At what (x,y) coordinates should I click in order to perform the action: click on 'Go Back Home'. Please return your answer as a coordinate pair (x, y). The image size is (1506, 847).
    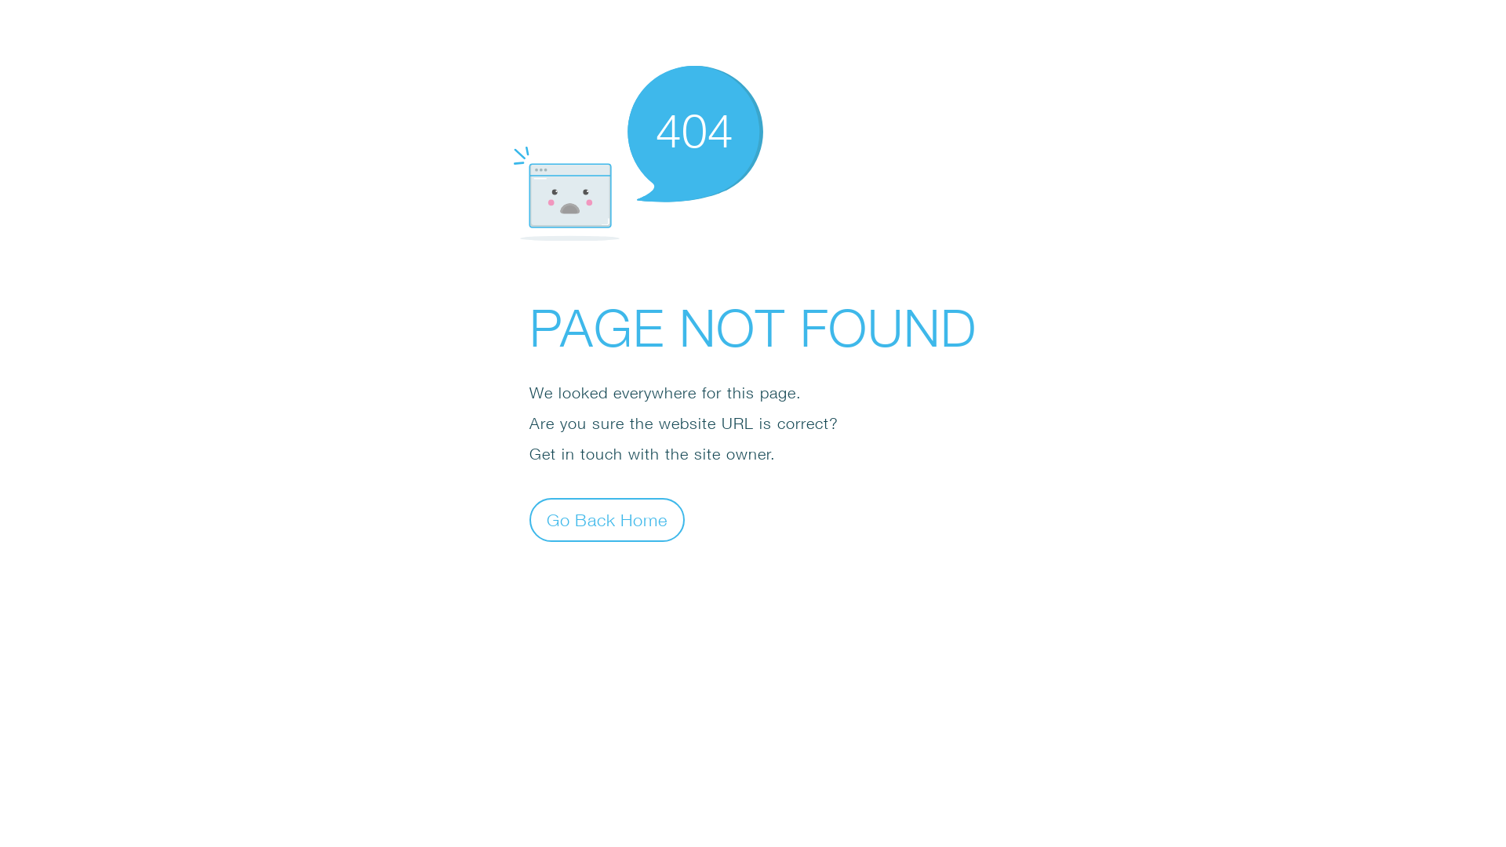
    Looking at the image, I should click on (606, 520).